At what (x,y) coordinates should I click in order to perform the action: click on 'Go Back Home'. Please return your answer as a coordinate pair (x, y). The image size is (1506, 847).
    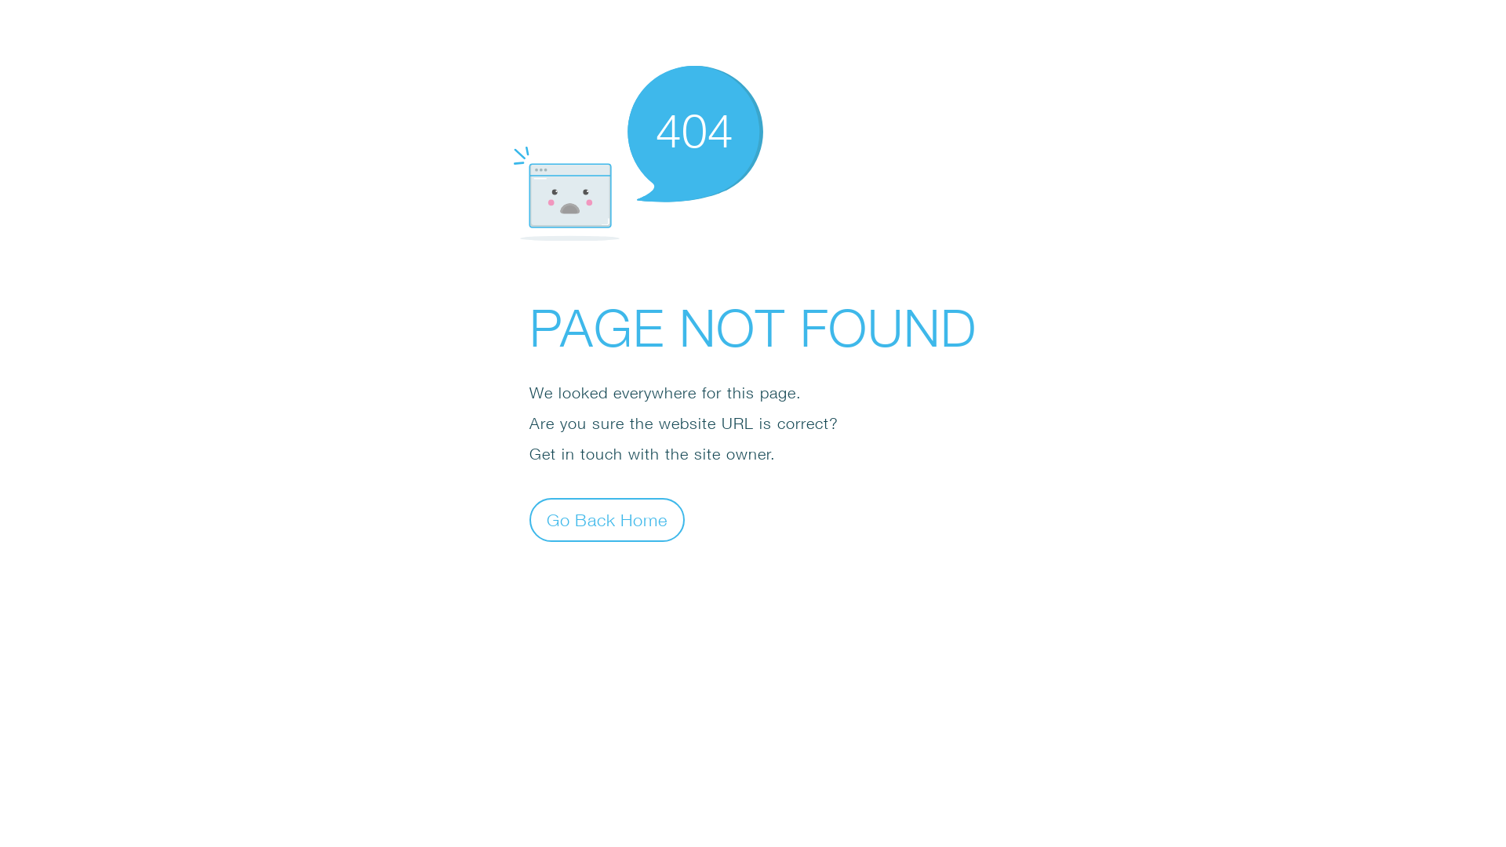
    Looking at the image, I should click on (606, 520).